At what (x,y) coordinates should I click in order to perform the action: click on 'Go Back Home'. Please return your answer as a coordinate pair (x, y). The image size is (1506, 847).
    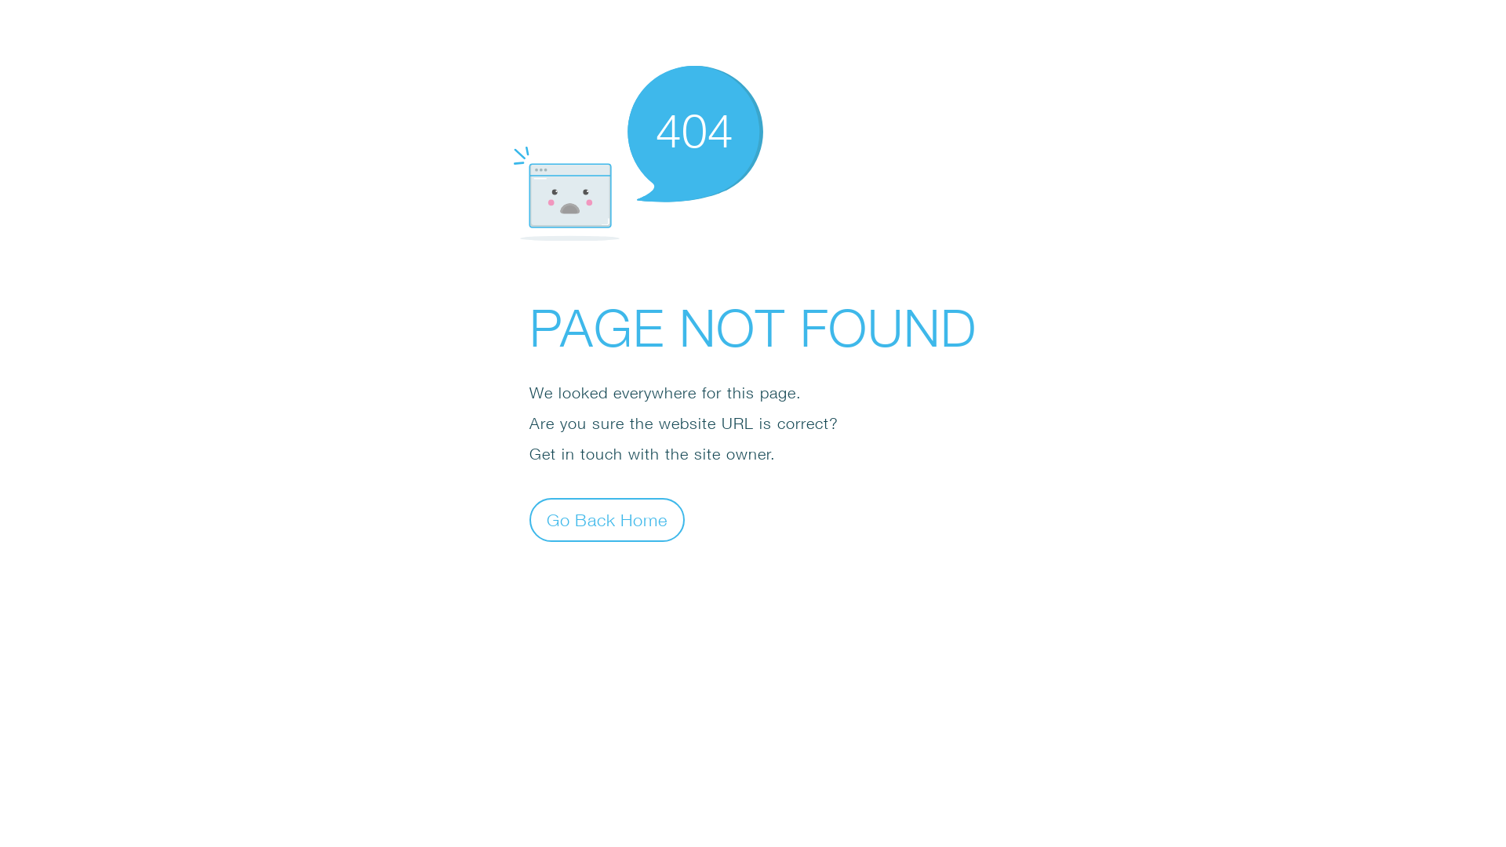
    Looking at the image, I should click on (606, 520).